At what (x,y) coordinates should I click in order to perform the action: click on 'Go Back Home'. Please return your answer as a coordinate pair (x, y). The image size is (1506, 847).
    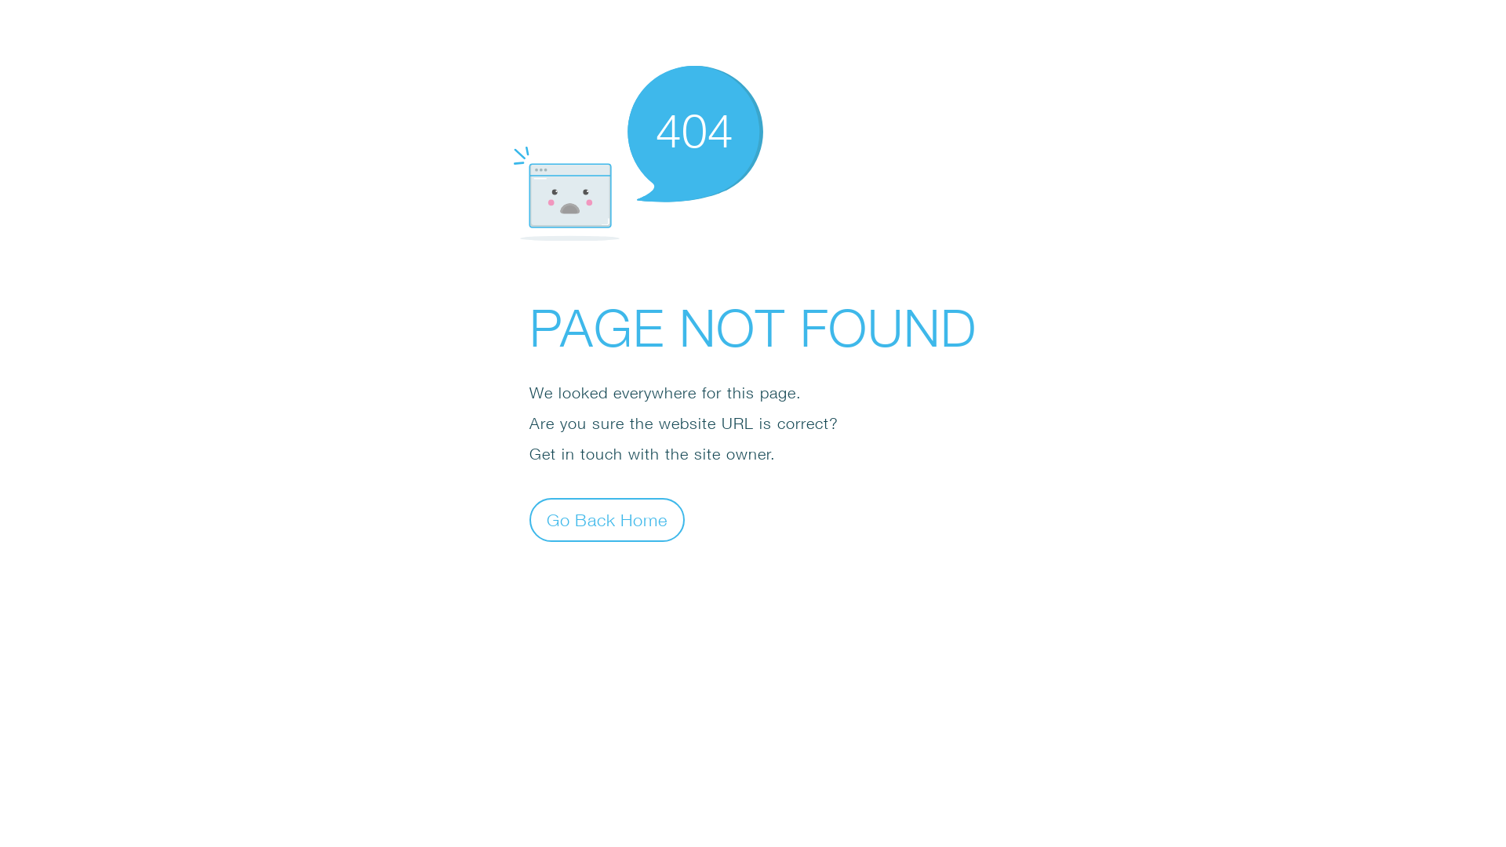
    Looking at the image, I should click on (606, 520).